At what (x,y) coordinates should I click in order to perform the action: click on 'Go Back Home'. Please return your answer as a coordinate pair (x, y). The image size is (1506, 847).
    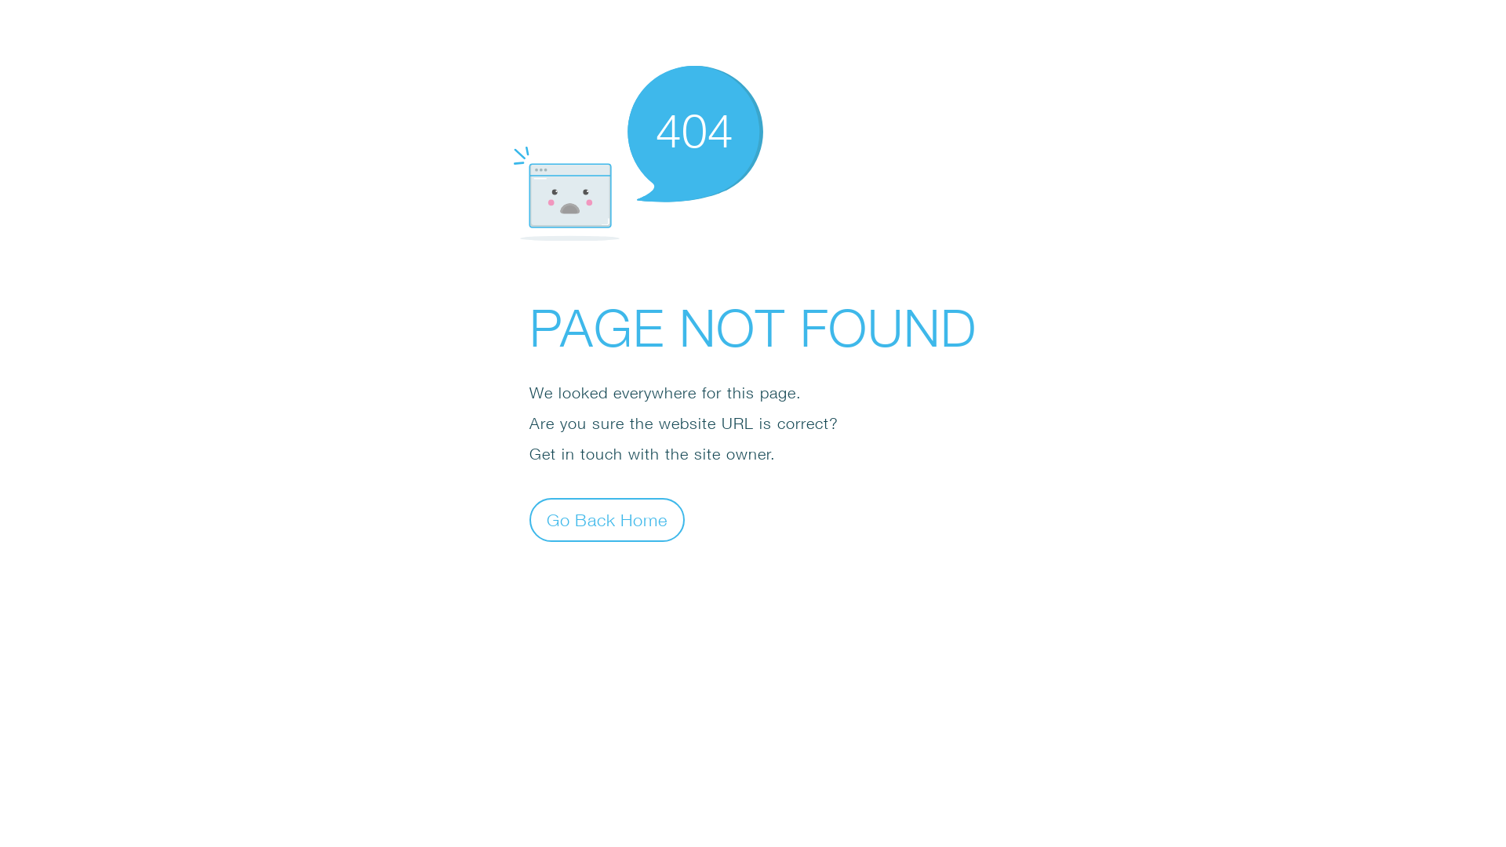
    Looking at the image, I should click on (606, 520).